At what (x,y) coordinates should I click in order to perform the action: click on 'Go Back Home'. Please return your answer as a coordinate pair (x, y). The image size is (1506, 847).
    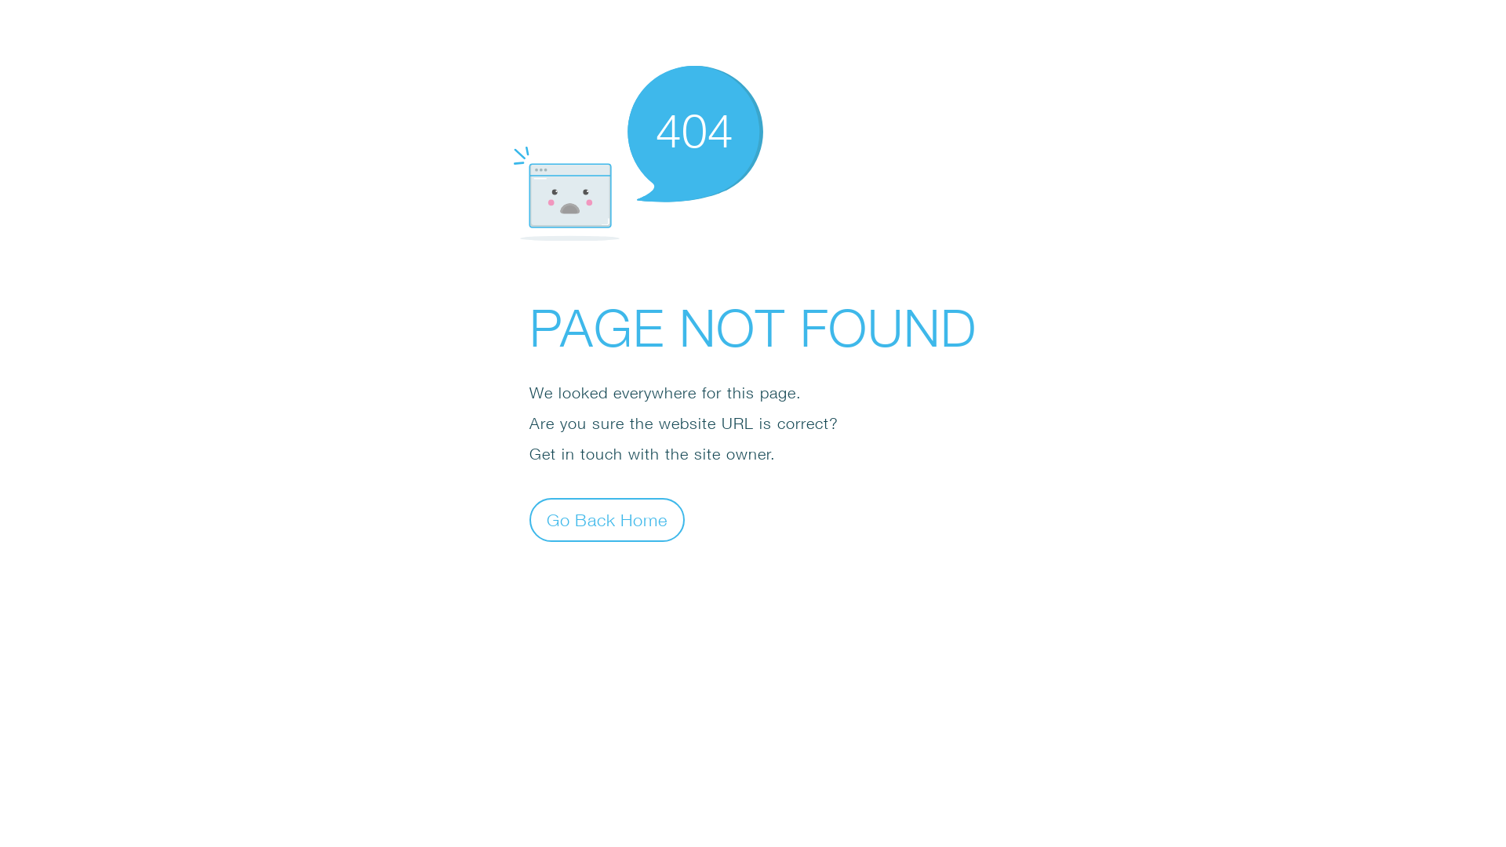
    Looking at the image, I should click on (606, 520).